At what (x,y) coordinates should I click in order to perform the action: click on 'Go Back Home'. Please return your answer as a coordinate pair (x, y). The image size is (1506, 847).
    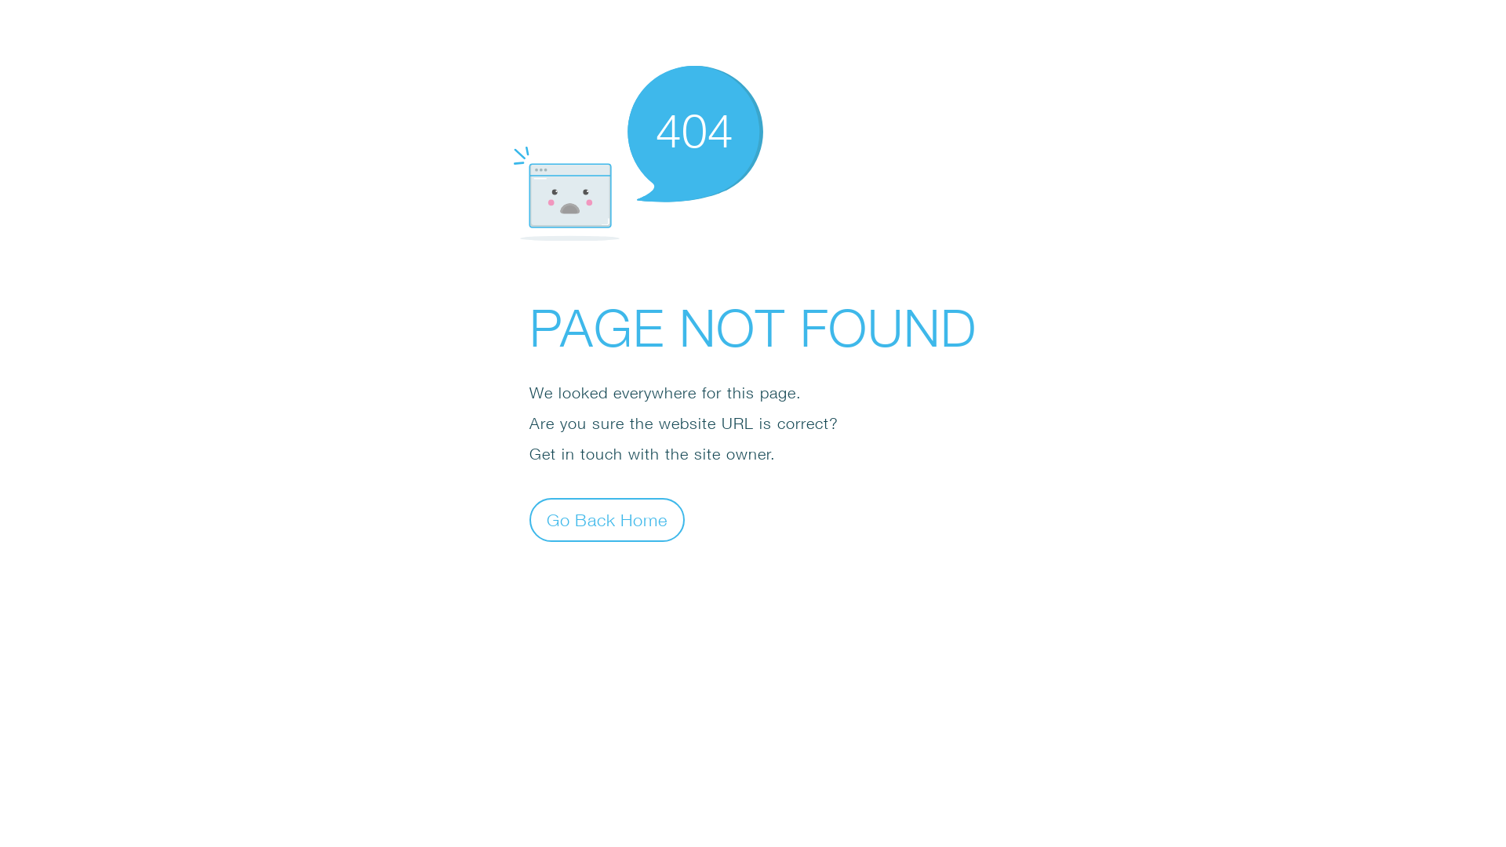
    Looking at the image, I should click on (606, 520).